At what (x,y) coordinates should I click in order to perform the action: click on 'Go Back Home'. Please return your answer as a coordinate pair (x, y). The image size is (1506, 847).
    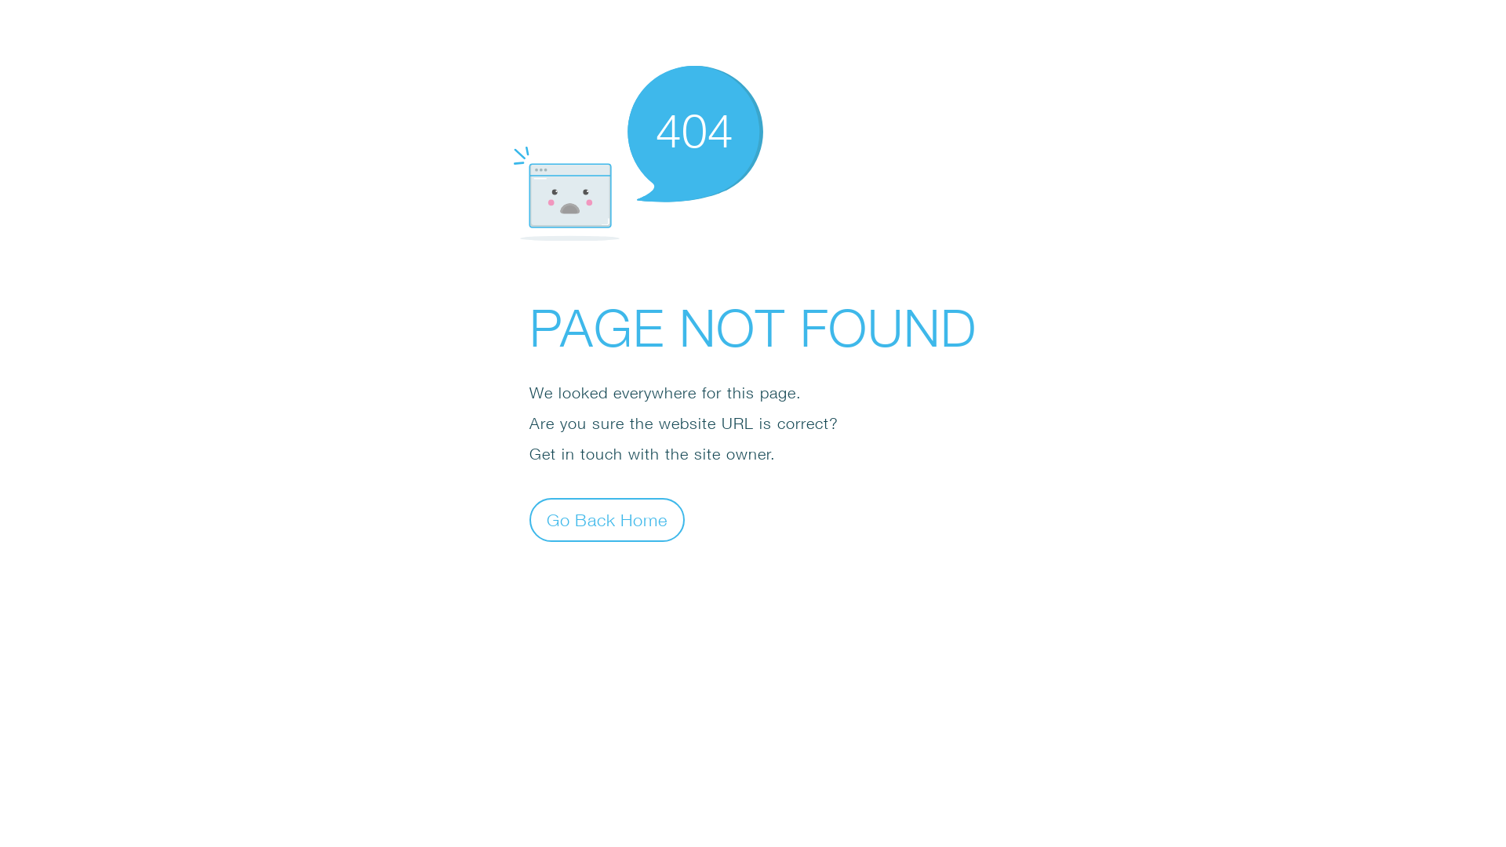
    Looking at the image, I should click on (606, 520).